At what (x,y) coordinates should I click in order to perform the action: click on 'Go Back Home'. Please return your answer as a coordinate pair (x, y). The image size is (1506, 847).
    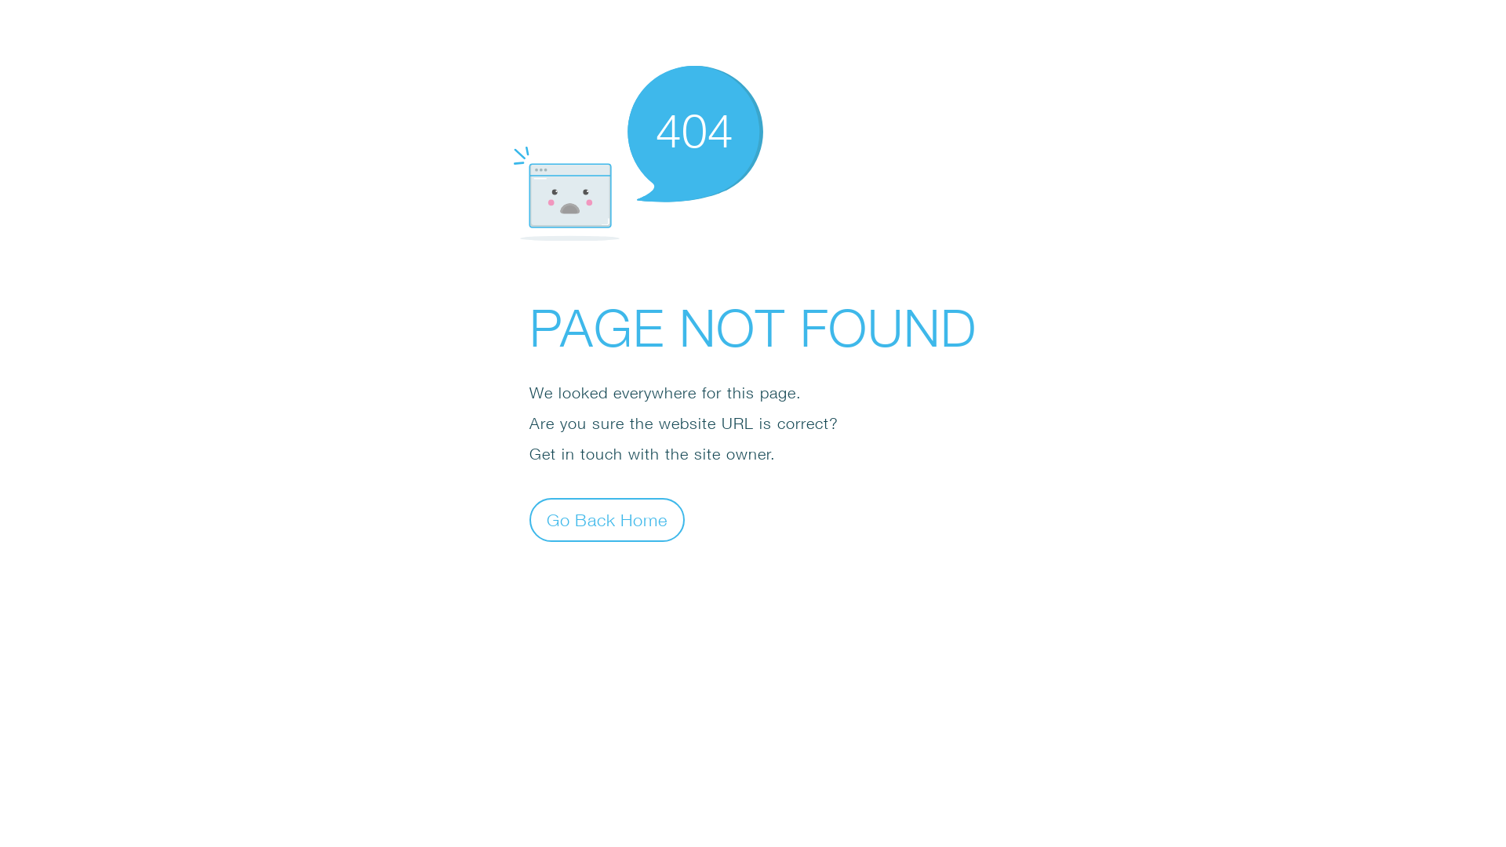
    Looking at the image, I should click on (606, 520).